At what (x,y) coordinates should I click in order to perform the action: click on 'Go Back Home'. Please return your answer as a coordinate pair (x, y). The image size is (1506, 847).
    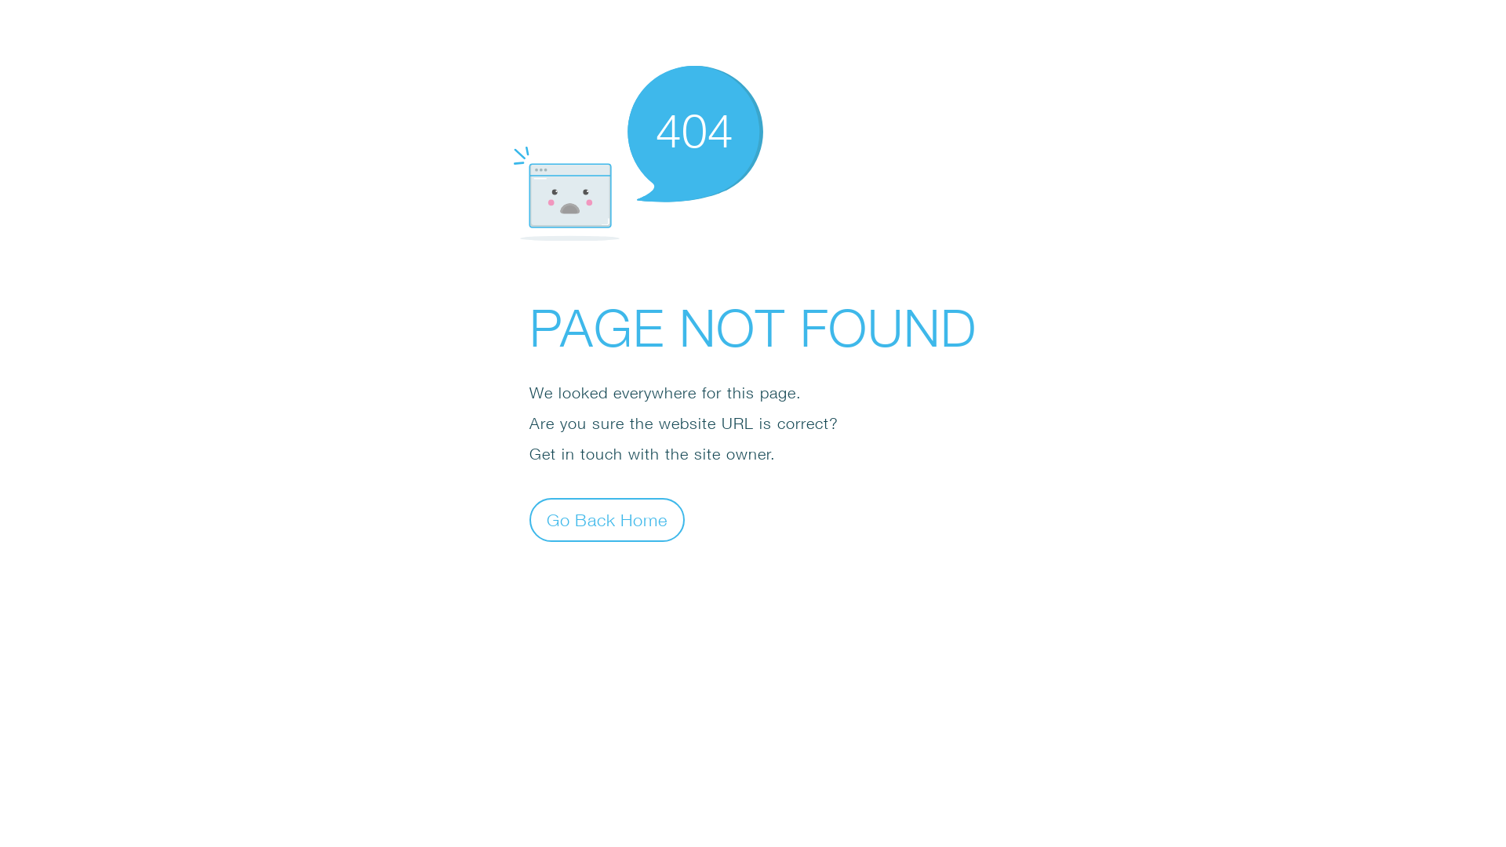
    Looking at the image, I should click on (606, 520).